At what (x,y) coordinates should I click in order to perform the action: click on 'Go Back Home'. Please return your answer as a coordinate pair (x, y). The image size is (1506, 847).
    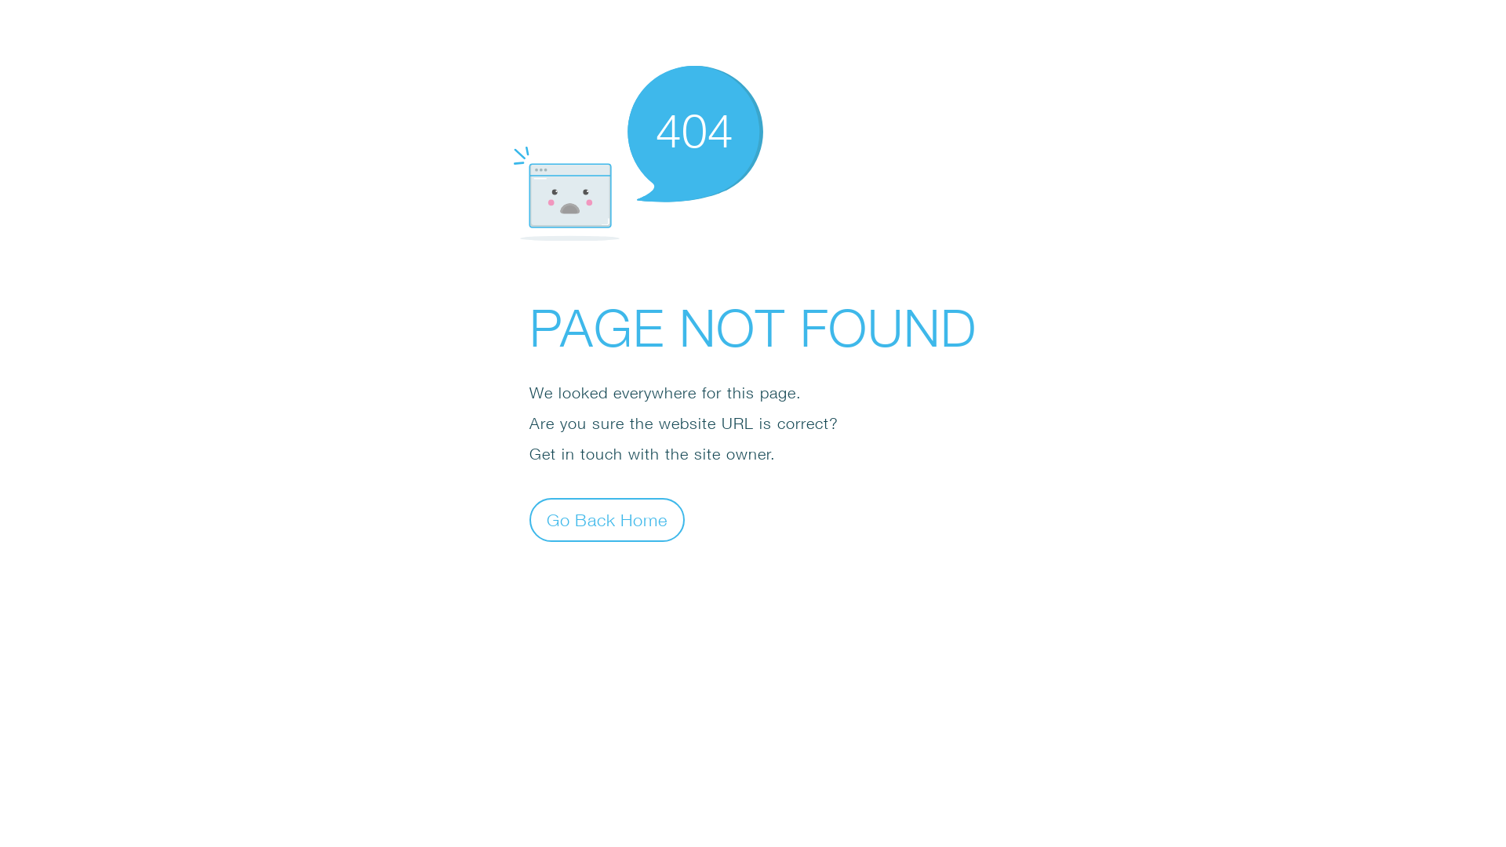
    Looking at the image, I should click on (606, 520).